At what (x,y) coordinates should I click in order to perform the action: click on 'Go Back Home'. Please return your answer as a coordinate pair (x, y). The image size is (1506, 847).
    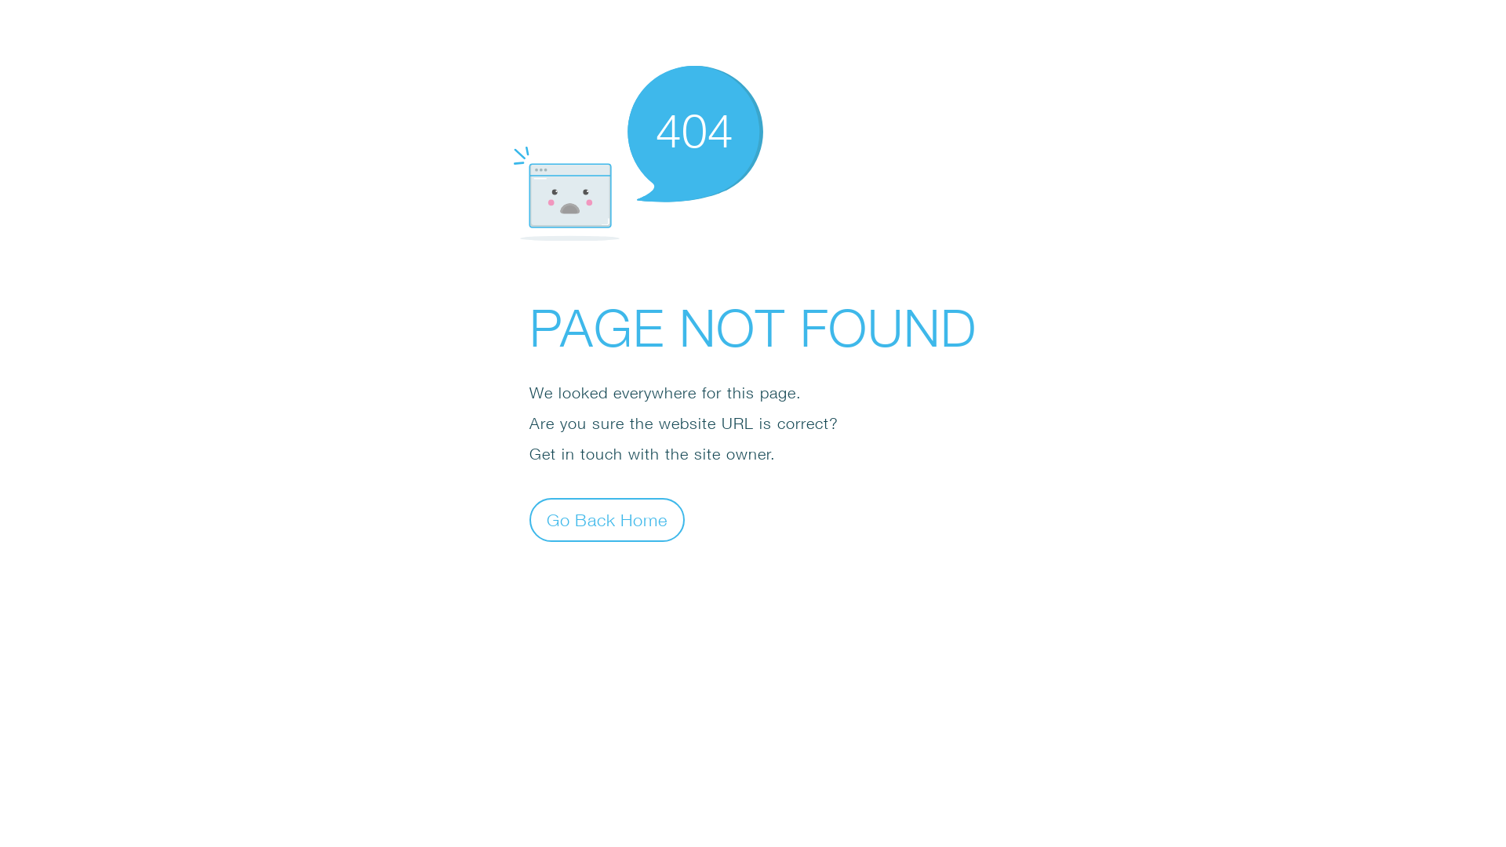
    Looking at the image, I should click on (606, 520).